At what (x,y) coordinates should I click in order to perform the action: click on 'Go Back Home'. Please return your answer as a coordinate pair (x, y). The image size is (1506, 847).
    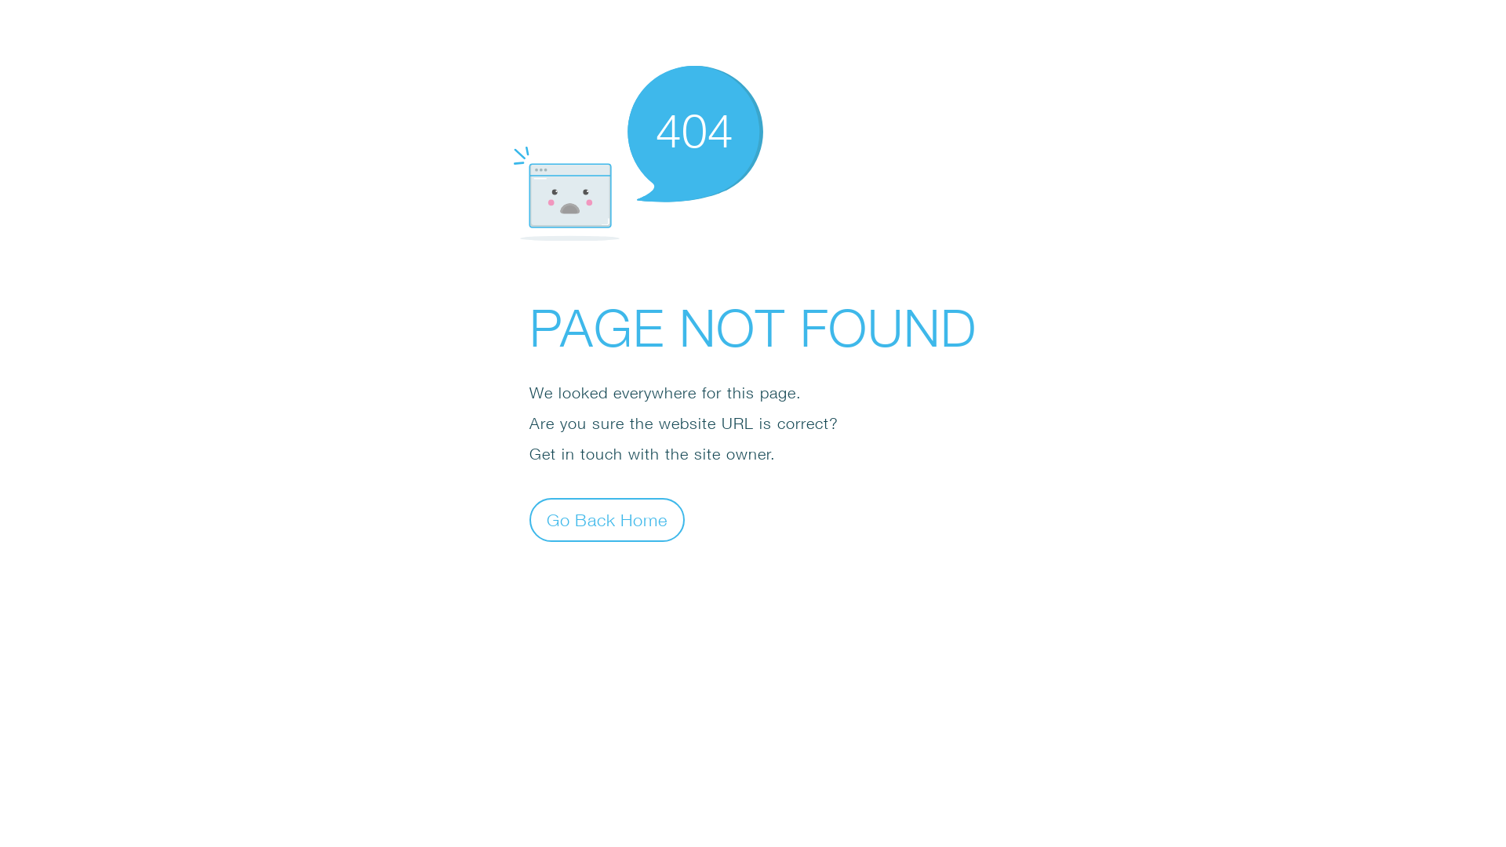
    Looking at the image, I should click on (606, 520).